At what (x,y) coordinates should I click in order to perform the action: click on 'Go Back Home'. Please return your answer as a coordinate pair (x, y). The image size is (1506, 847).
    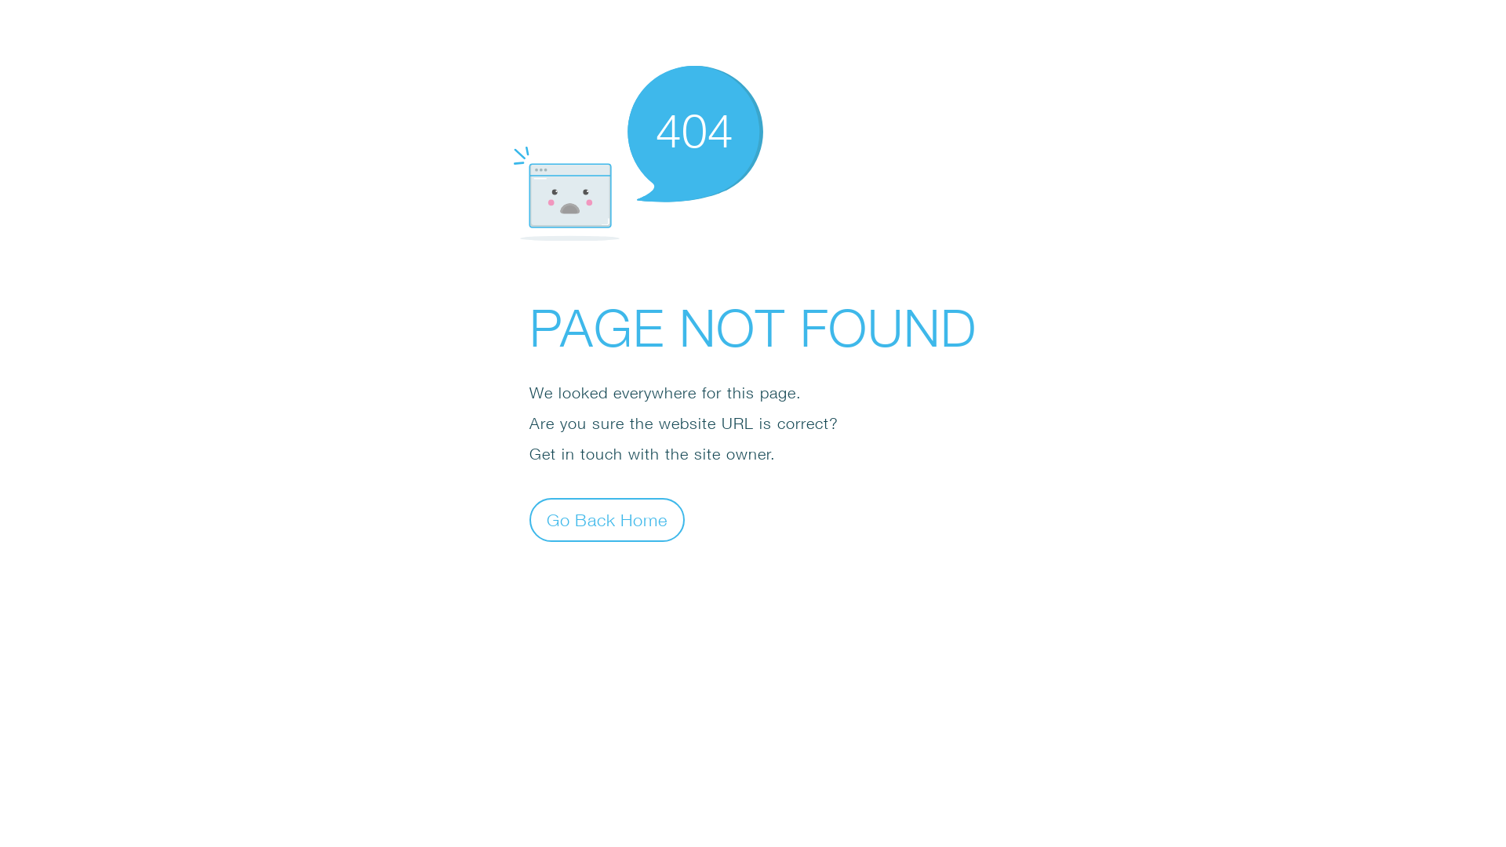
    Looking at the image, I should click on (606, 520).